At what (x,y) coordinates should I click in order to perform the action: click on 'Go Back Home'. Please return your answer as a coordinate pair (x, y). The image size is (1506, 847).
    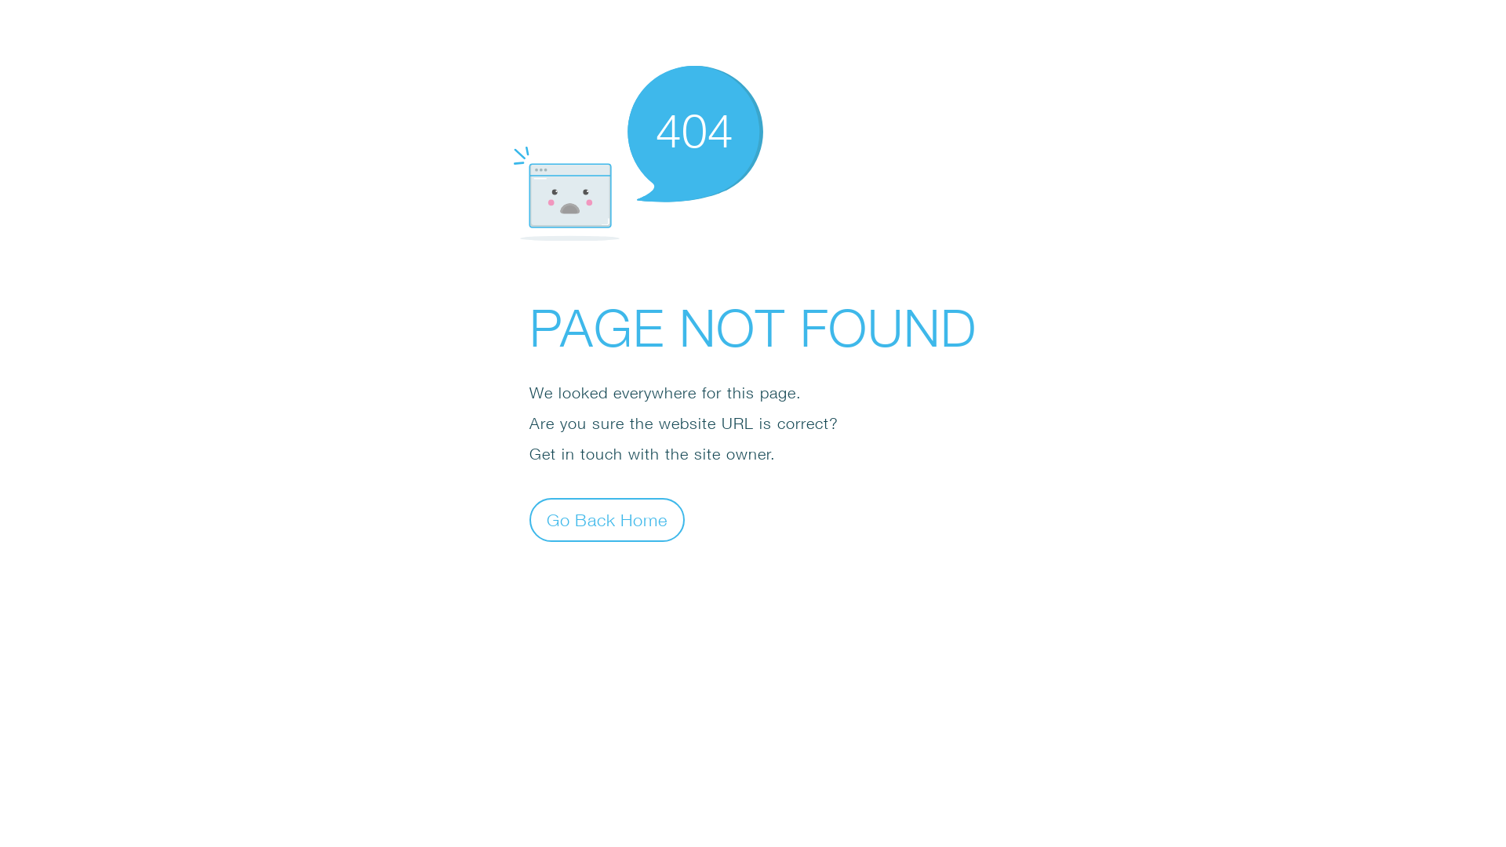
    Looking at the image, I should click on (606, 520).